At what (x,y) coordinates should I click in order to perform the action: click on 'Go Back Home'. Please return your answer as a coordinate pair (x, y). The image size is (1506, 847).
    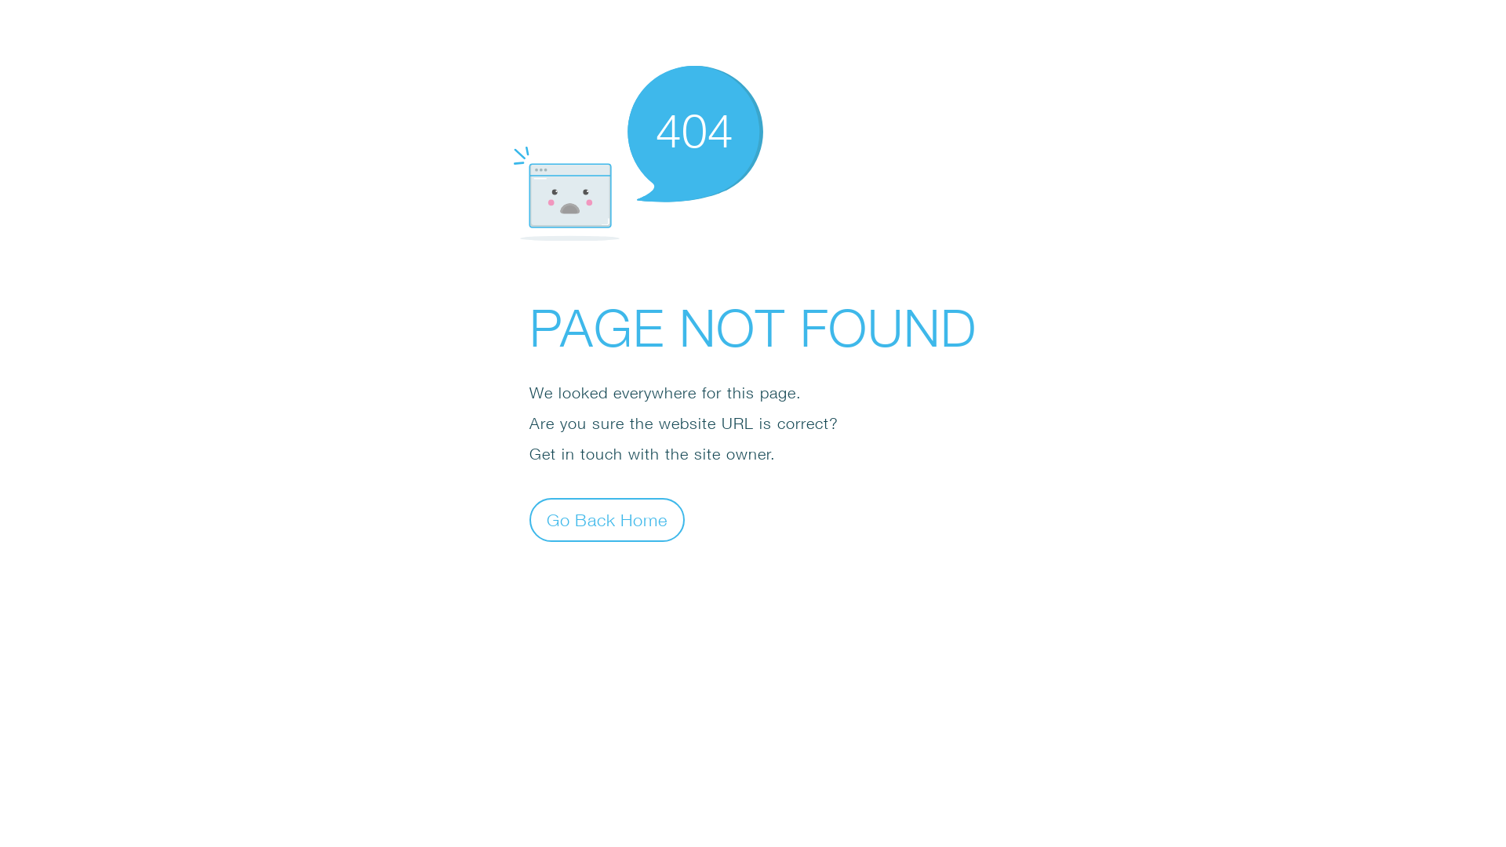
    Looking at the image, I should click on (606, 520).